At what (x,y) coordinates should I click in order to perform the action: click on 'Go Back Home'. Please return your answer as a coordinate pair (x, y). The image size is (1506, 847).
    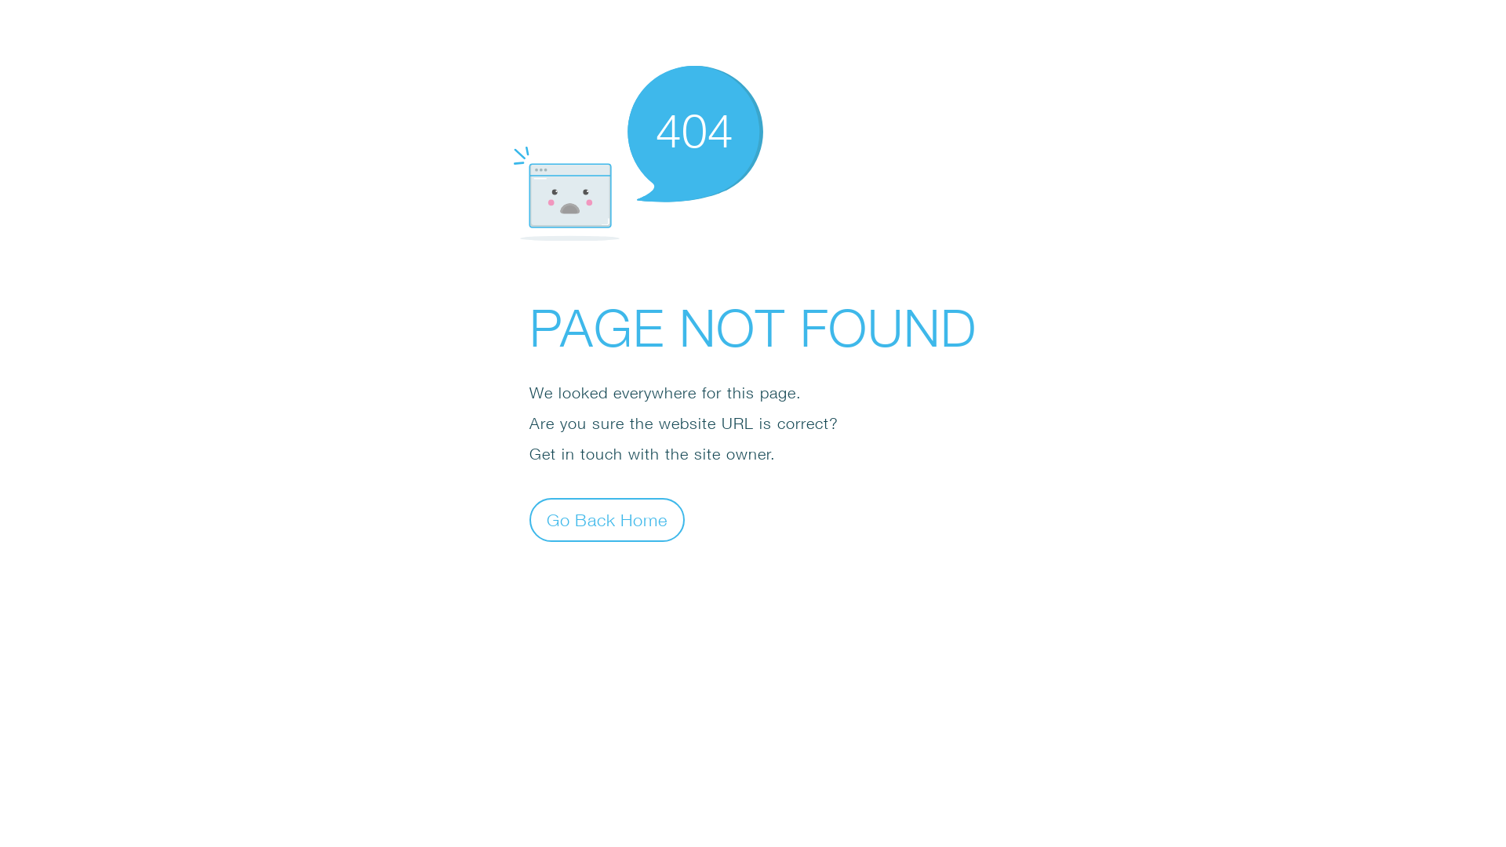
    Looking at the image, I should click on (606, 520).